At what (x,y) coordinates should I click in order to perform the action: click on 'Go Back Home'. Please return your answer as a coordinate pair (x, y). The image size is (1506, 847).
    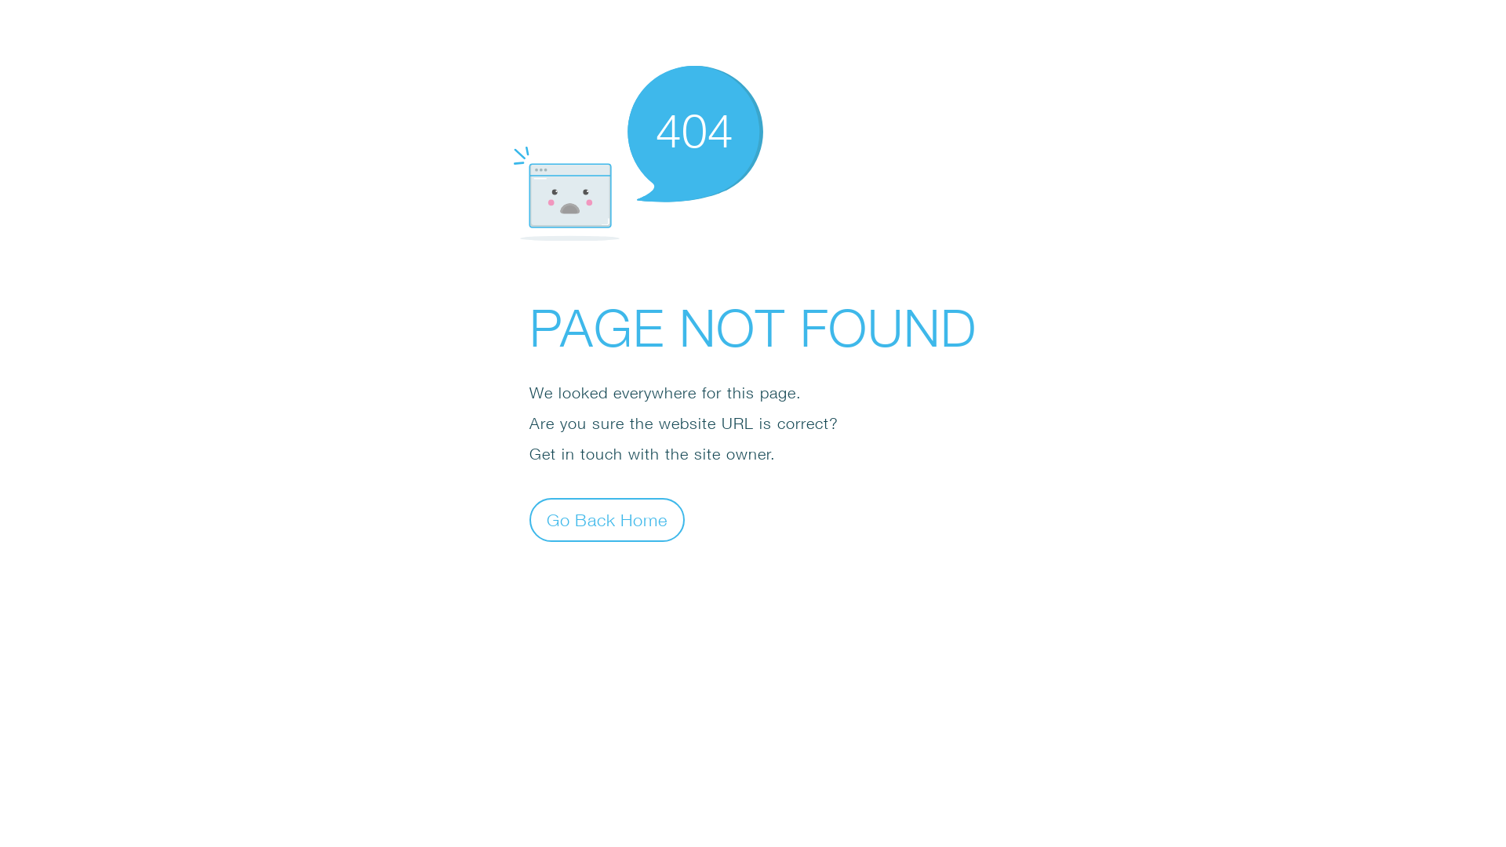
    Looking at the image, I should click on (606, 520).